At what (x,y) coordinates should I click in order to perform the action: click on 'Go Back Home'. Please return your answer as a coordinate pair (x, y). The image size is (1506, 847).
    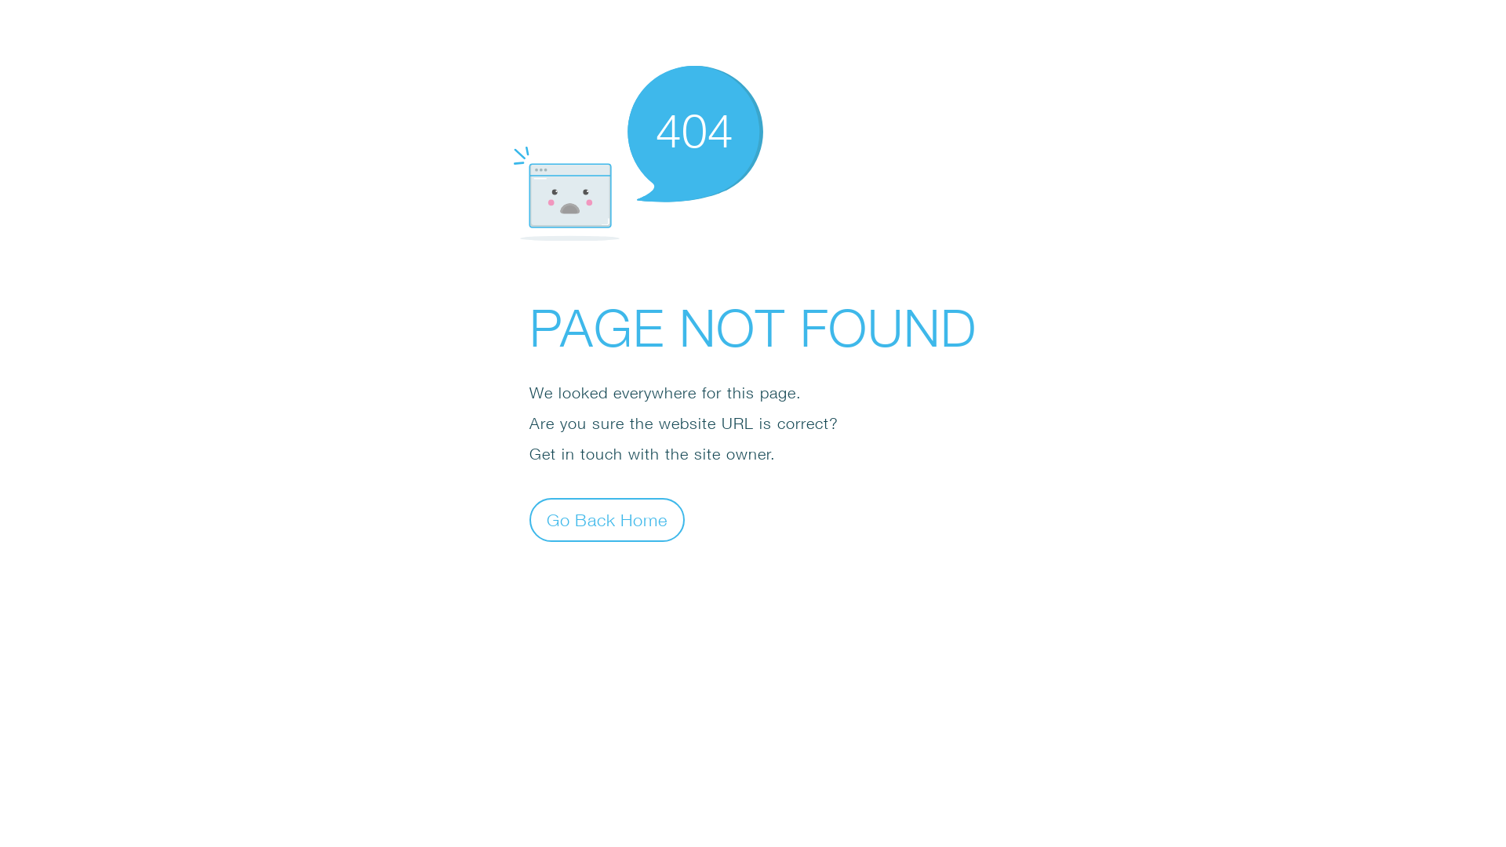
    Looking at the image, I should click on (606, 520).